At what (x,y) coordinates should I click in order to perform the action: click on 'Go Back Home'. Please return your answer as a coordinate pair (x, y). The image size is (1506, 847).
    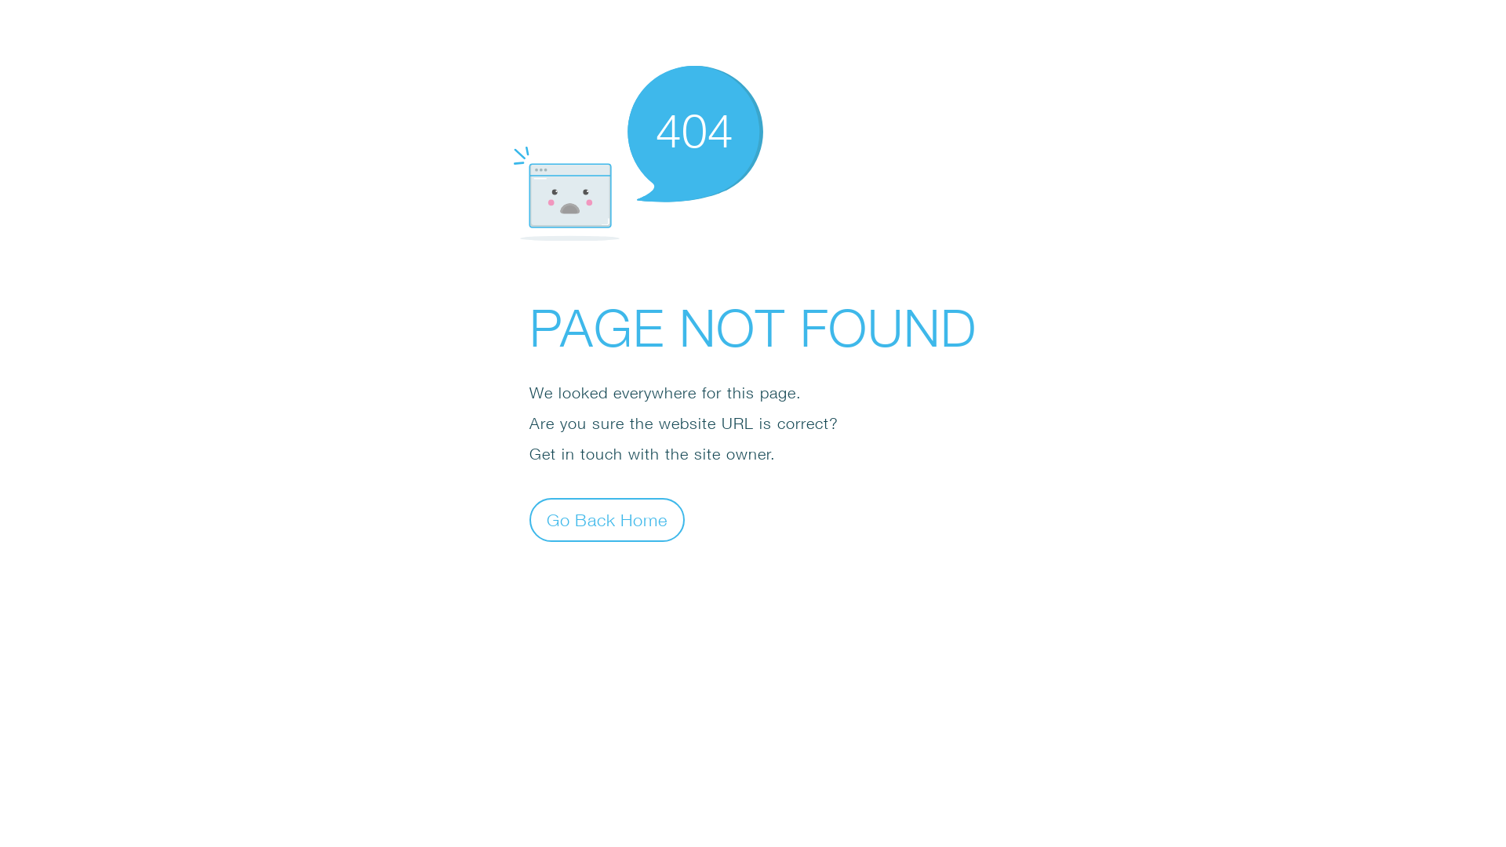
    Looking at the image, I should click on (606, 520).